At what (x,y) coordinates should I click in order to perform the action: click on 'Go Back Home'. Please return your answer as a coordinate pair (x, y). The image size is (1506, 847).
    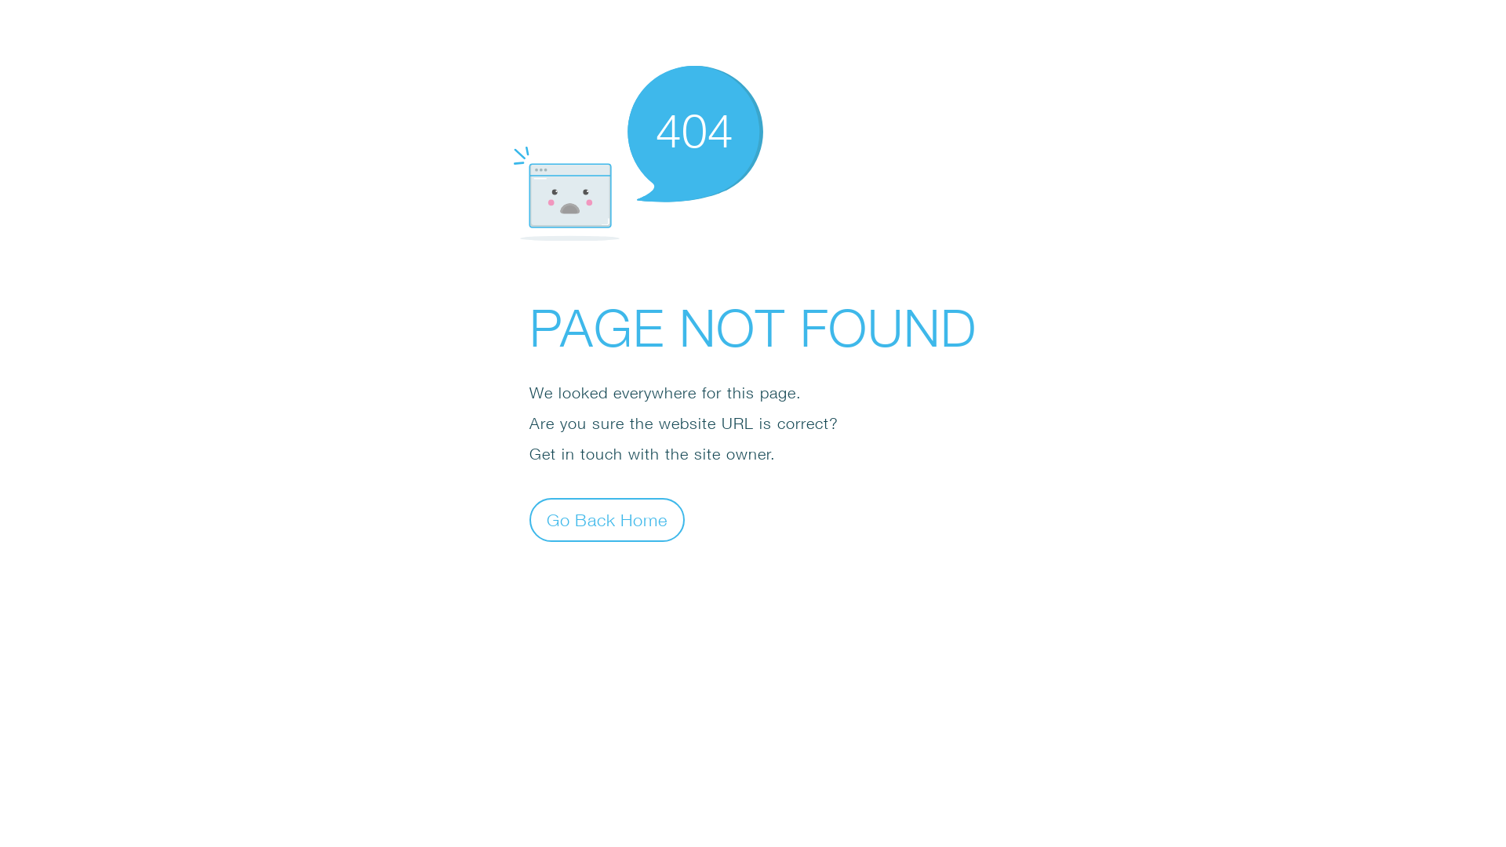
    Looking at the image, I should click on (606, 520).